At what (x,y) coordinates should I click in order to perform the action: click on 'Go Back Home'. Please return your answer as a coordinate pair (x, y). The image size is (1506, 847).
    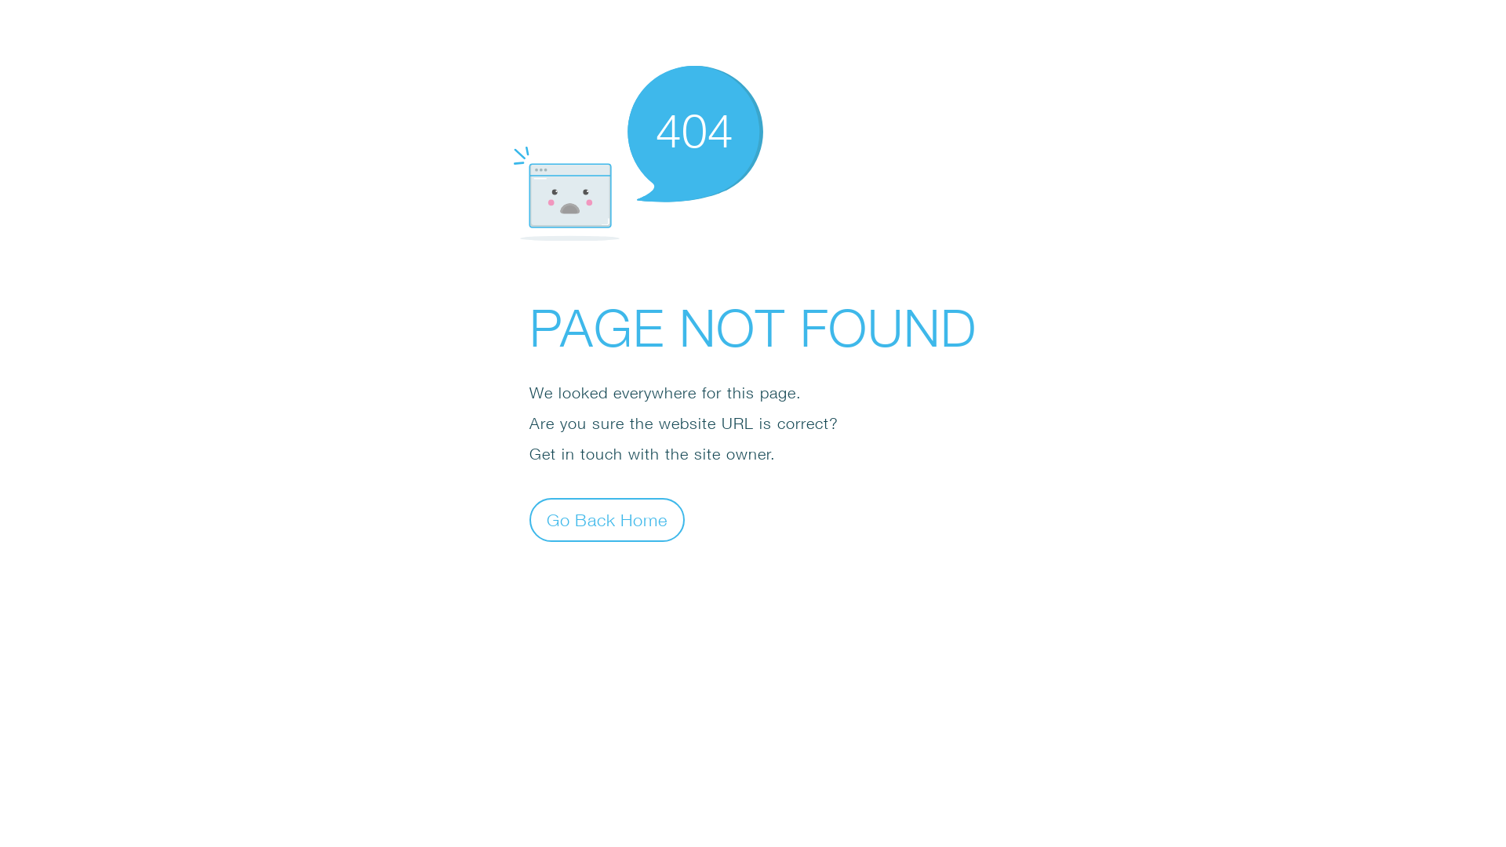
    Looking at the image, I should click on (606, 520).